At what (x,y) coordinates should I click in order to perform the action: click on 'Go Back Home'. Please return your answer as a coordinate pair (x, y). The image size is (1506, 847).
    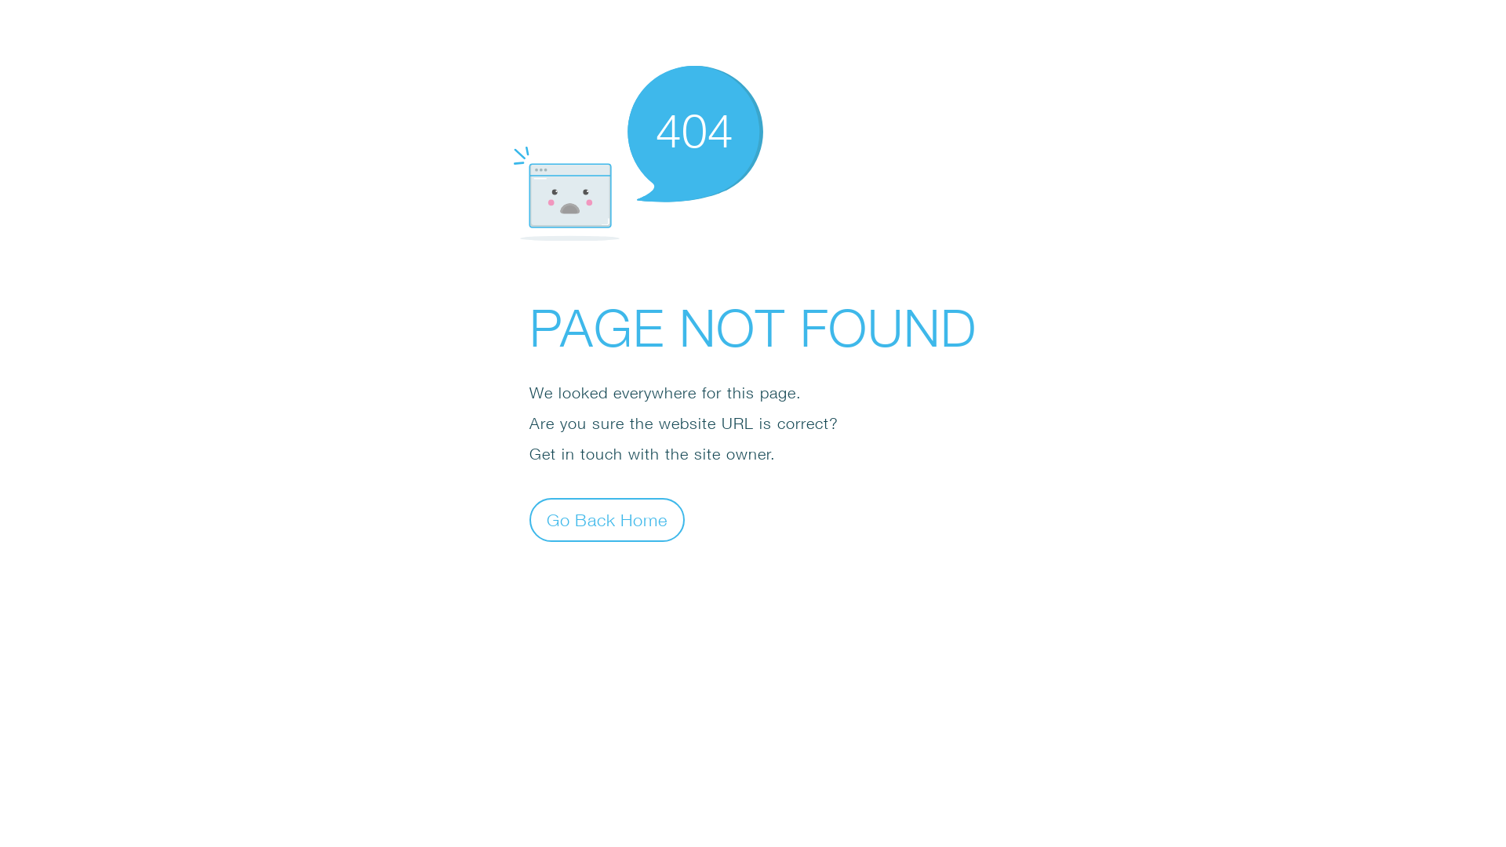
    Looking at the image, I should click on (606, 520).